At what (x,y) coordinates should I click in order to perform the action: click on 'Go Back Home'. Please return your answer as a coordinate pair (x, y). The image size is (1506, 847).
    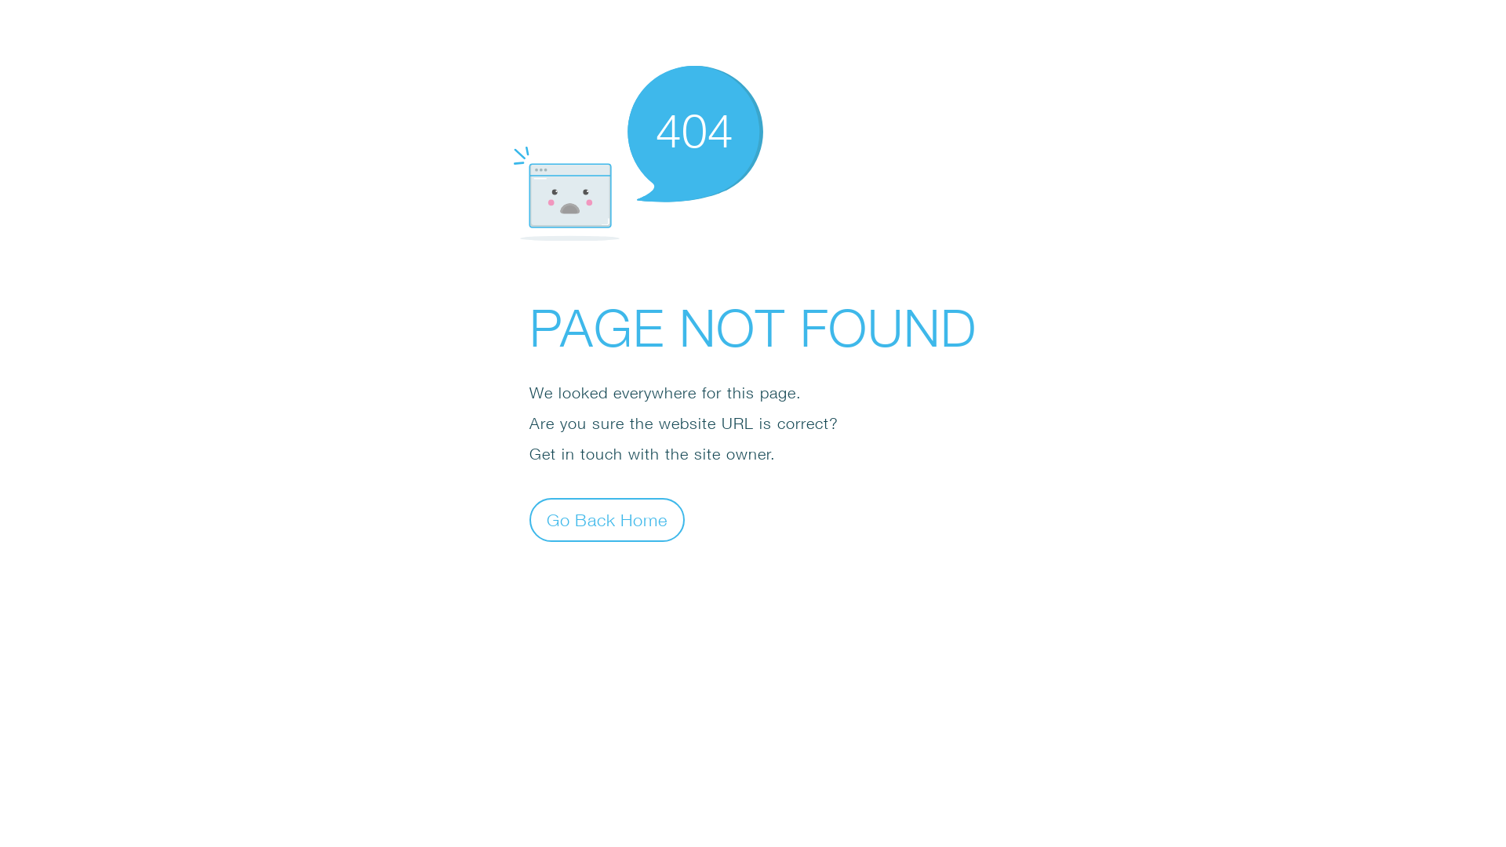
    Looking at the image, I should click on (606, 520).